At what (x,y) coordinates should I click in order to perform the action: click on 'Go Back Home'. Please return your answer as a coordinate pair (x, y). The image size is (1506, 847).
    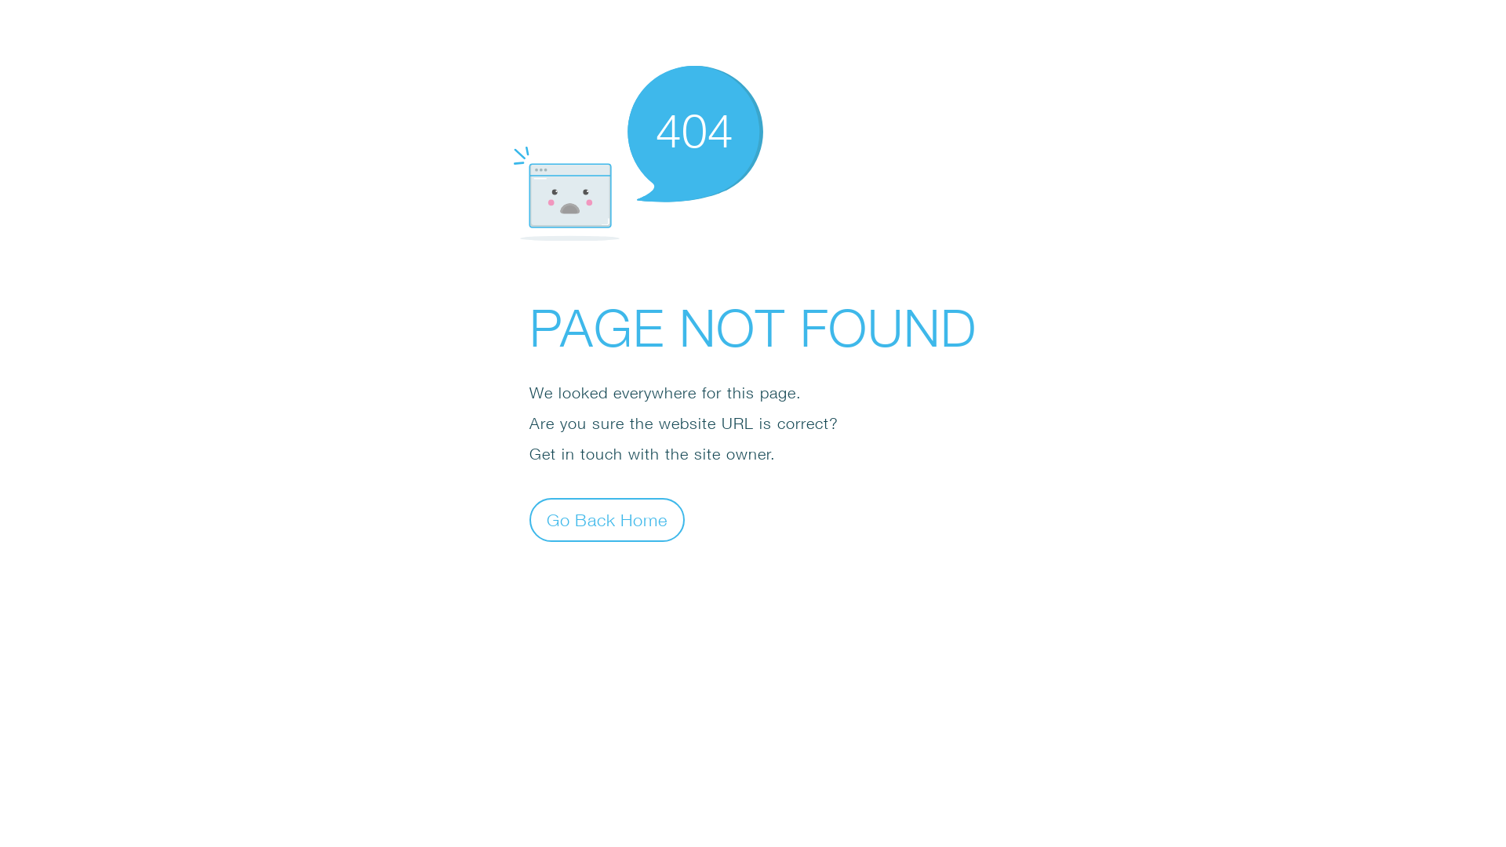
    Looking at the image, I should click on (606, 520).